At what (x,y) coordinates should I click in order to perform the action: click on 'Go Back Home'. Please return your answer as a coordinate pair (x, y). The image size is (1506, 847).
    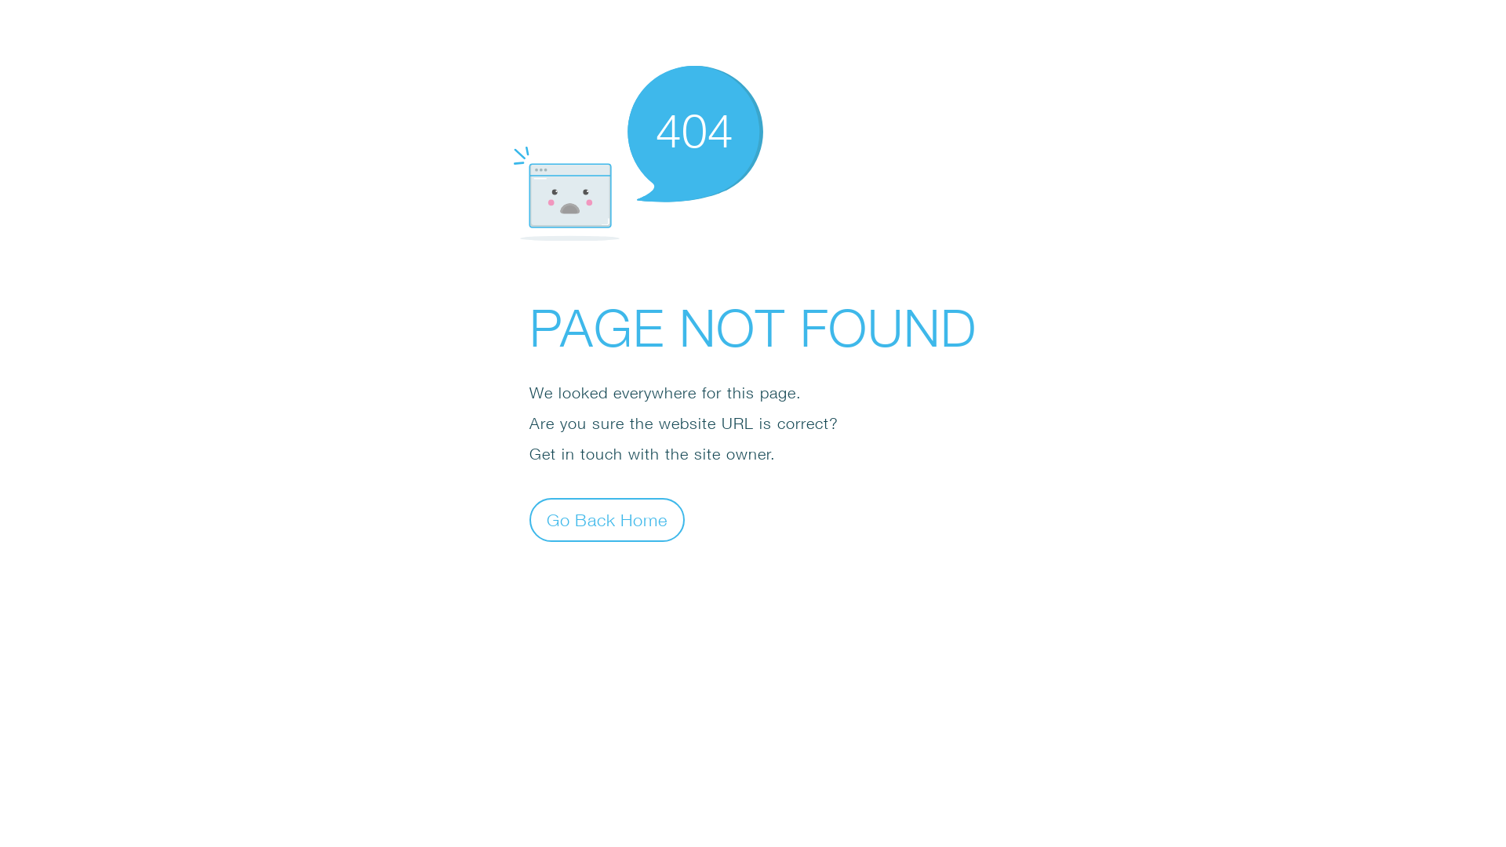
    Looking at the image, I should click on (606, 520).